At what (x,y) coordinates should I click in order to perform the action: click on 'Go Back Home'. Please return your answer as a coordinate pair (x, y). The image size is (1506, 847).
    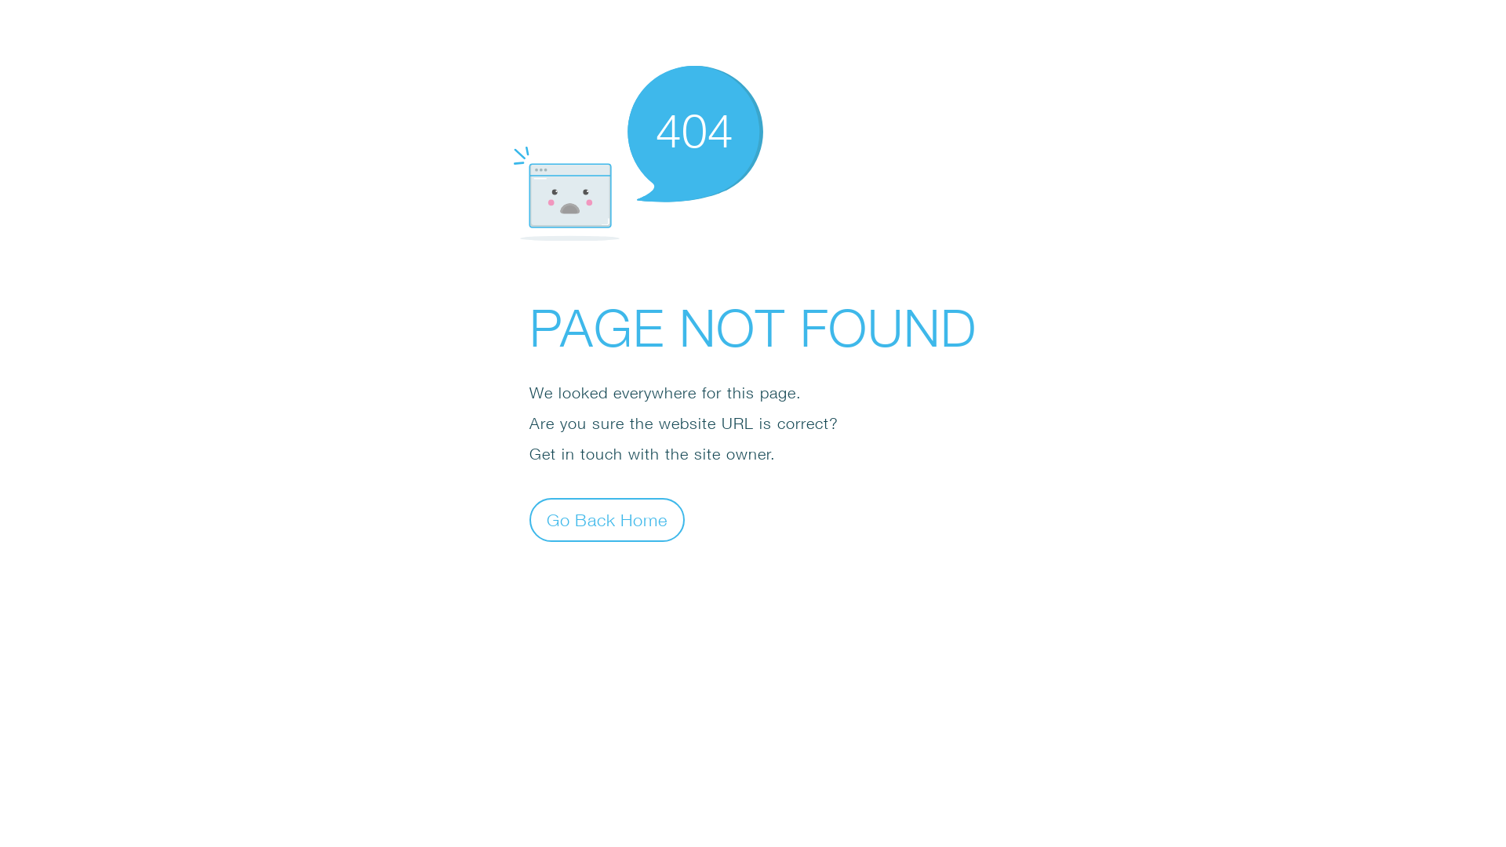
    Looking at the image, I should click on (606, 520).